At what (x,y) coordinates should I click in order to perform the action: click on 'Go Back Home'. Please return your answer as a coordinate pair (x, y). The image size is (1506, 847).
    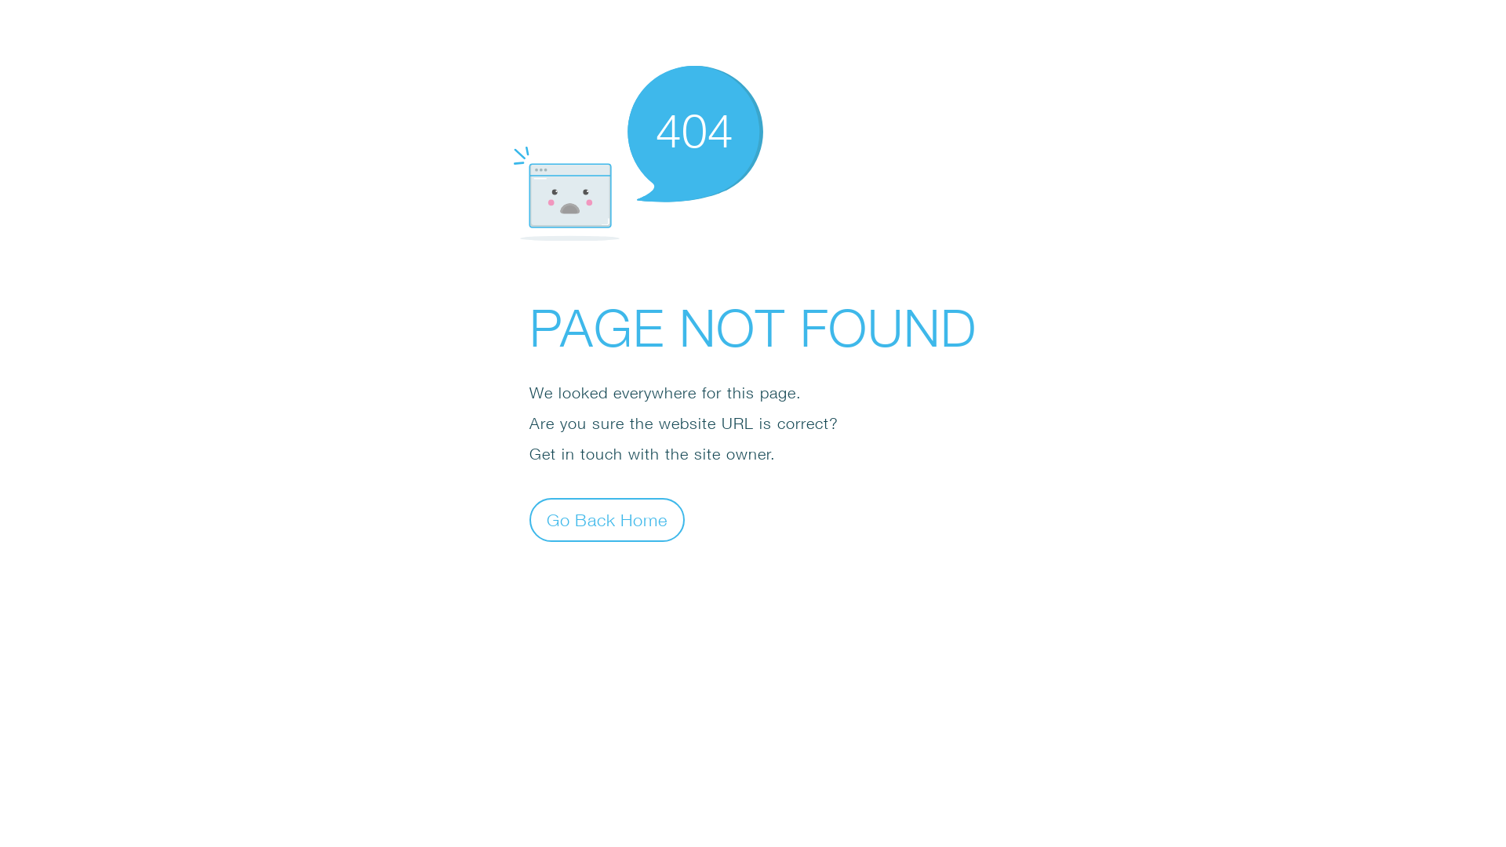
    Looking at the image, I should click on (606, 520).